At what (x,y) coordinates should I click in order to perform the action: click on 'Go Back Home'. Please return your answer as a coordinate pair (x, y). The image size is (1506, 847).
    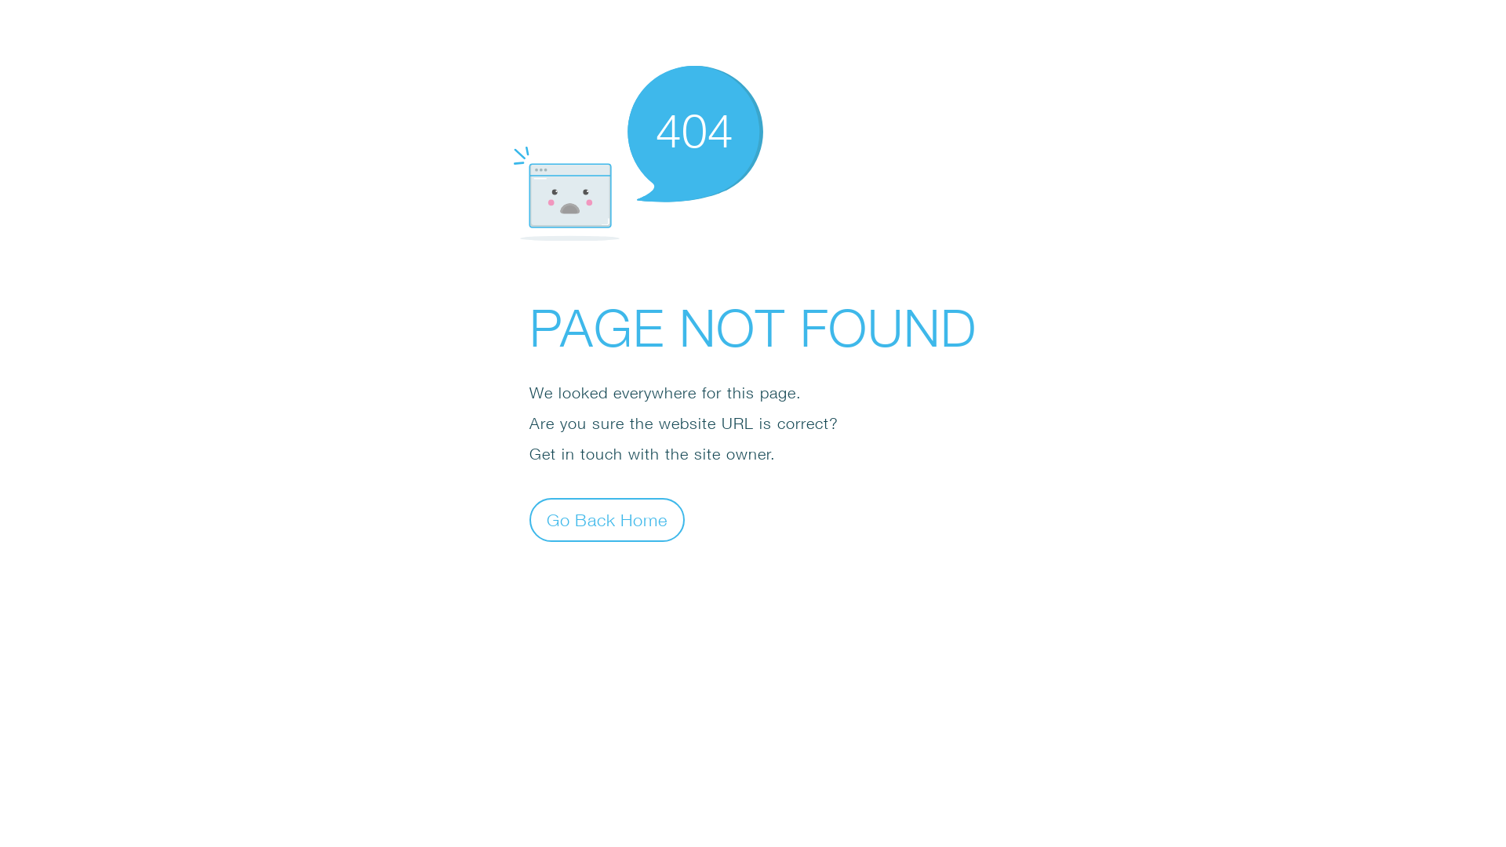
    Looking at the image, I should click on (606, 520).